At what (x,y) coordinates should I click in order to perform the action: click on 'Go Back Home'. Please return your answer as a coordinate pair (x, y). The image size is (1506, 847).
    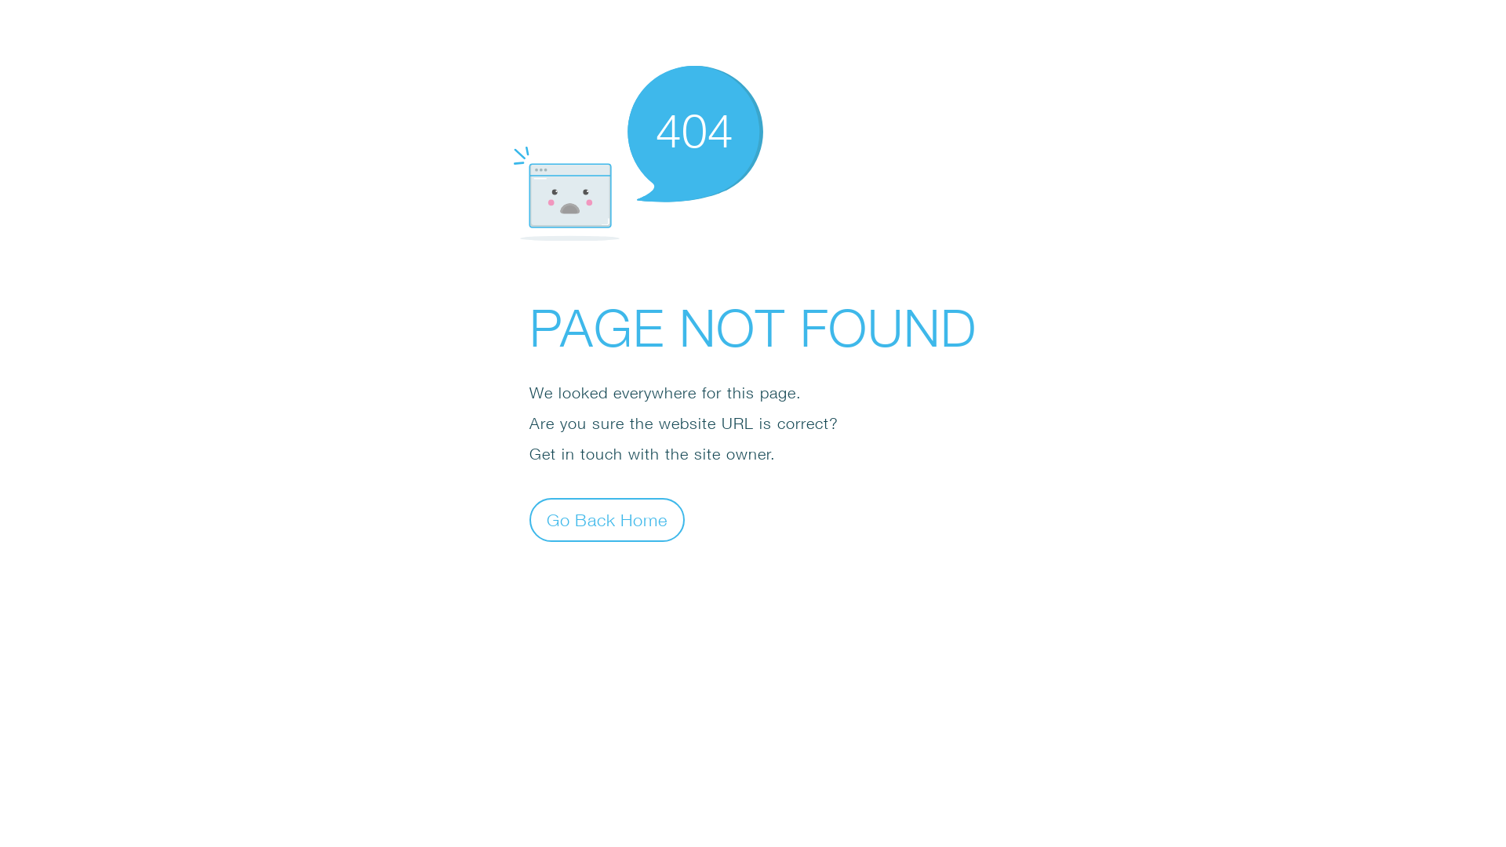
    Looking at the image, I should click on (606, 520).